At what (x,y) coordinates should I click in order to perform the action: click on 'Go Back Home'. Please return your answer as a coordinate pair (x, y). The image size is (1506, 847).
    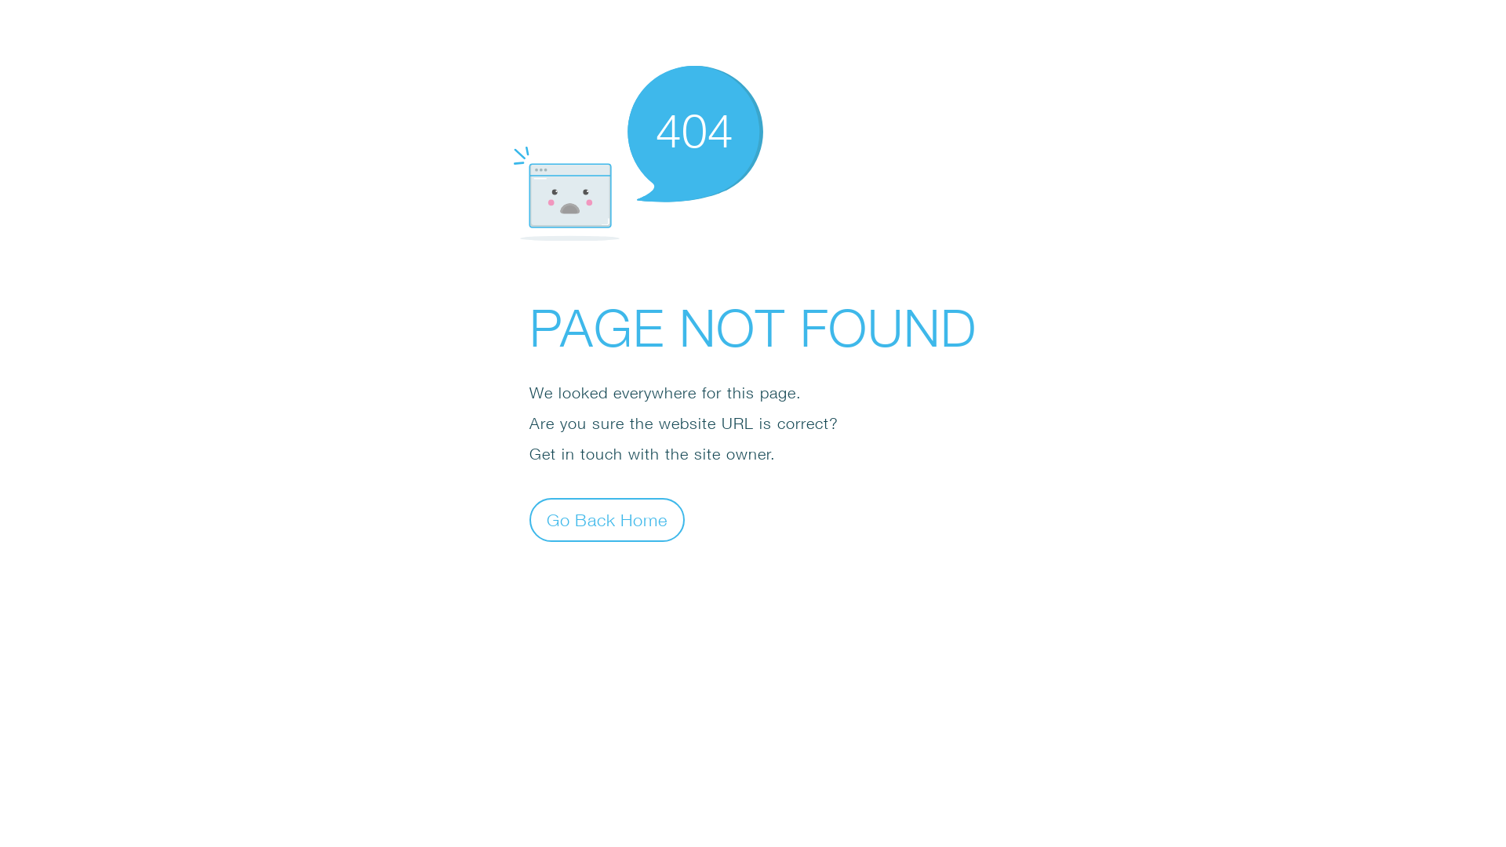
    Looking at the image, I should click on (606, 520).